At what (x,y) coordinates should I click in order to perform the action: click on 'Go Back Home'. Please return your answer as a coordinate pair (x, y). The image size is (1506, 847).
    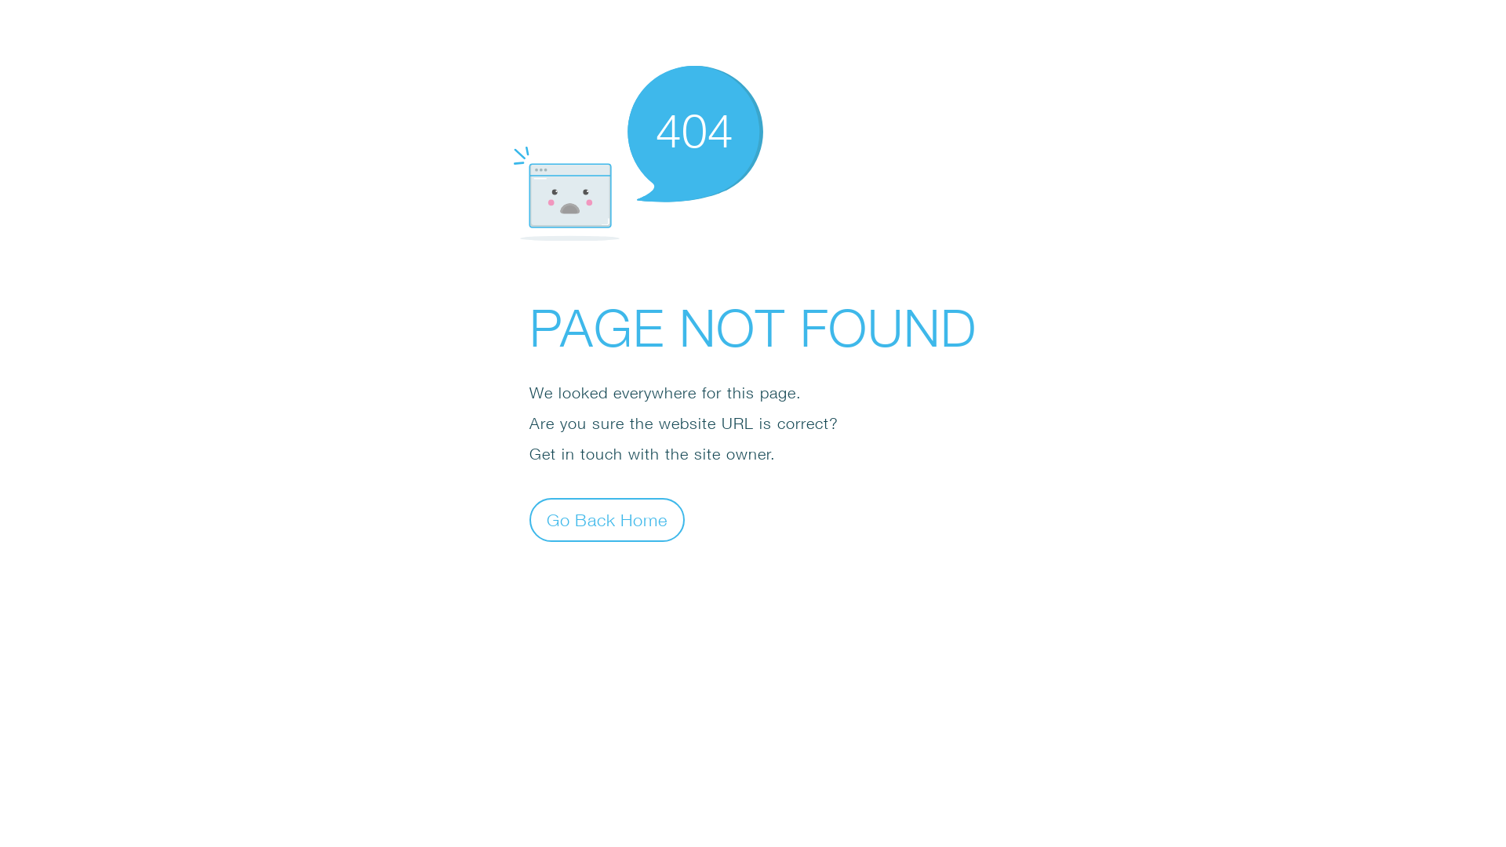
    Looking at the image, I should click on (606, 520).